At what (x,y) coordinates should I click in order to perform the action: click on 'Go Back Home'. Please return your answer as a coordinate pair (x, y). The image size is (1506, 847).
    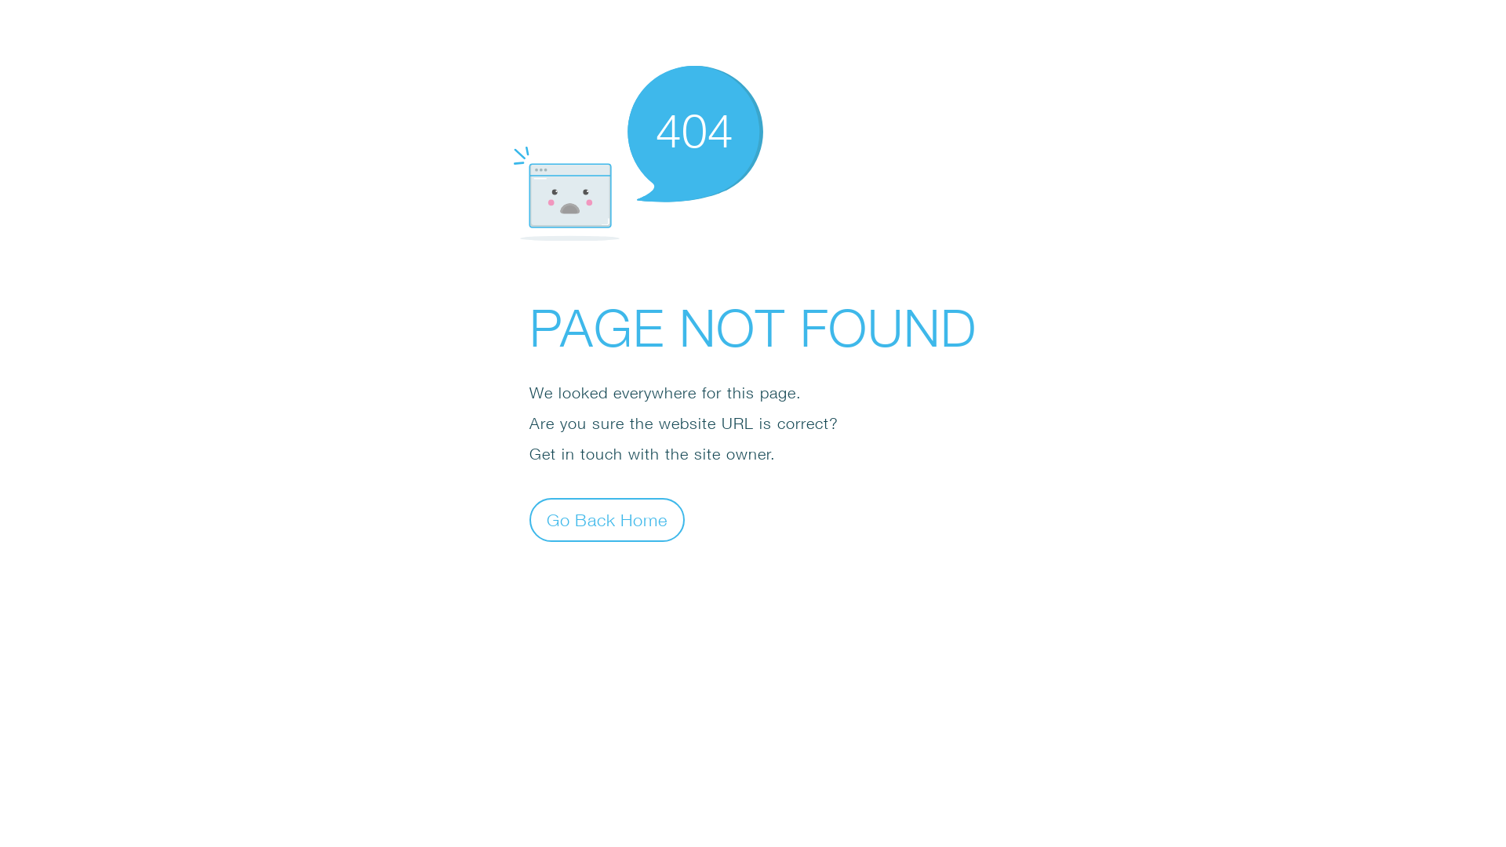
    Looking at the image, I should click on (606, 520).